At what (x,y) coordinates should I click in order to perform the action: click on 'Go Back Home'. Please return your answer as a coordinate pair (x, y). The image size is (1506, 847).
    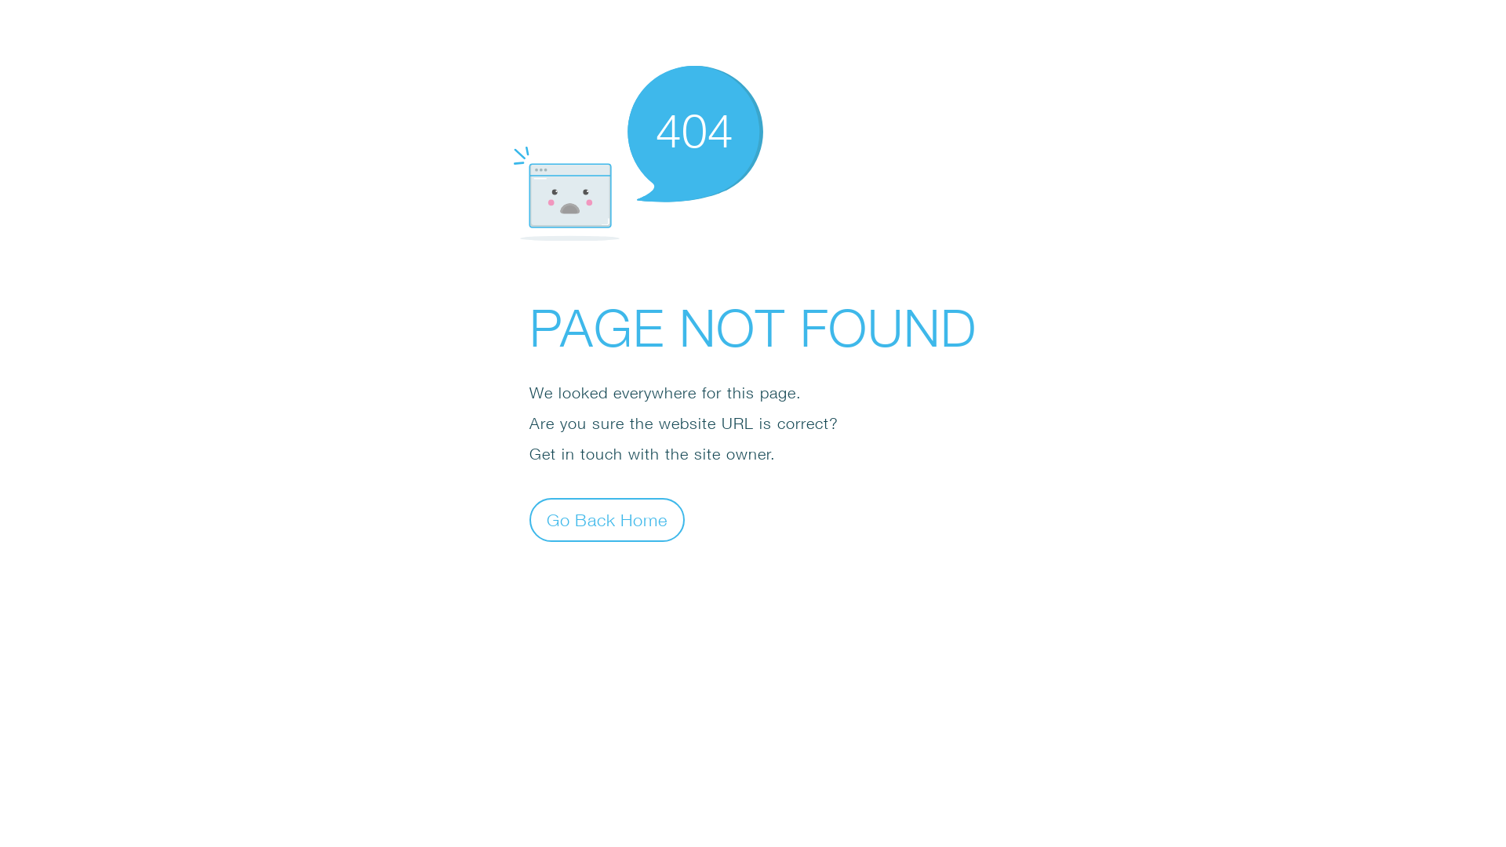
    Looking at the image, I should click on (606, 520).